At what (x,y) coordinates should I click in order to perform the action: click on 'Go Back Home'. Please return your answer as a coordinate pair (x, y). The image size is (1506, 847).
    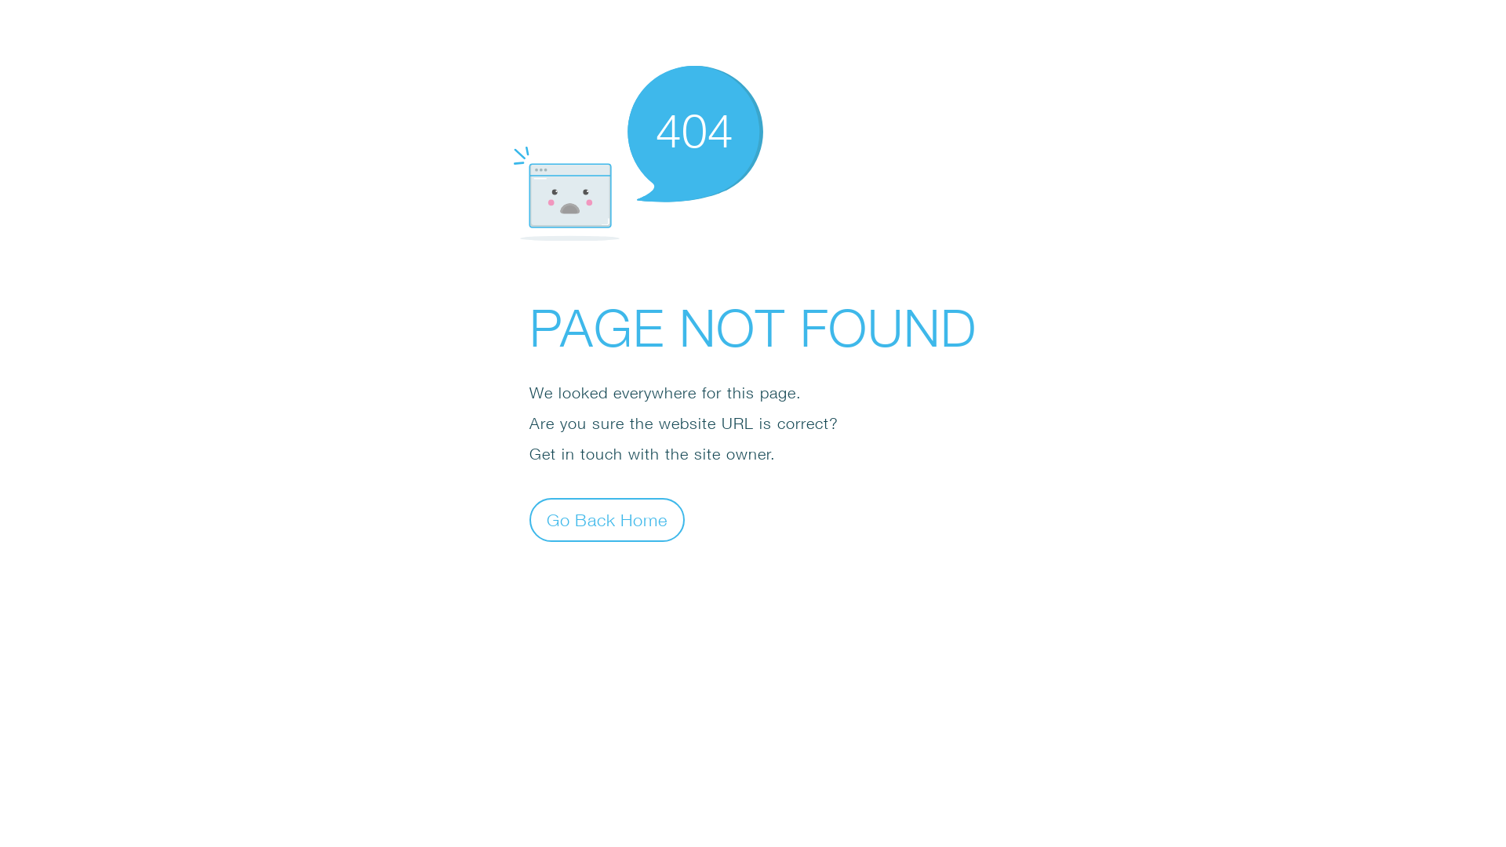
    Looking at the image, I should click on (606, 520).